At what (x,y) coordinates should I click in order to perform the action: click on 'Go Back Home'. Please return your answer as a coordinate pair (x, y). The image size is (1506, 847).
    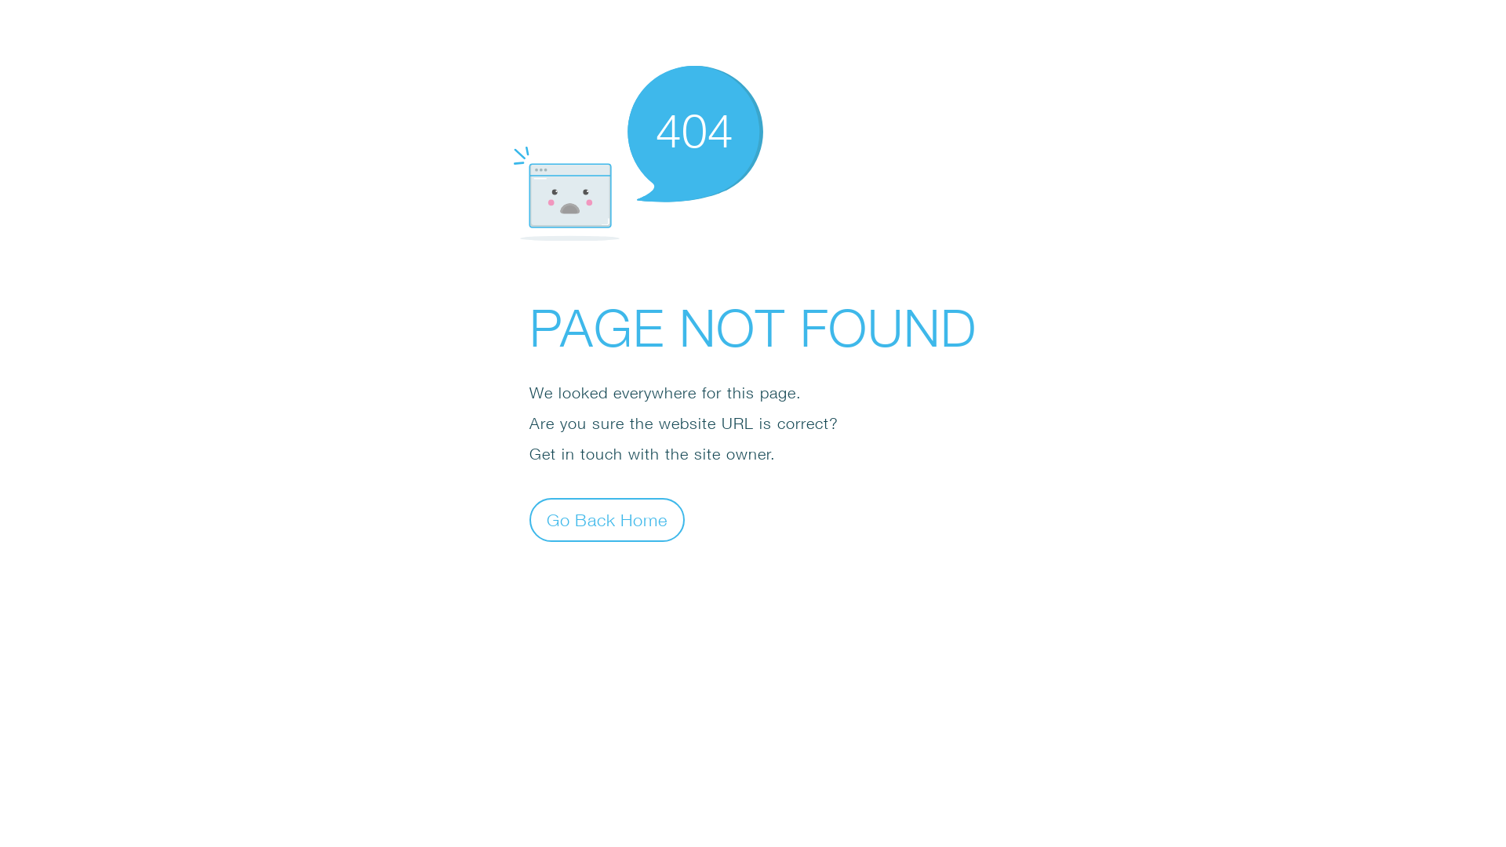
    Looking at the image, I should click on (606, 520).